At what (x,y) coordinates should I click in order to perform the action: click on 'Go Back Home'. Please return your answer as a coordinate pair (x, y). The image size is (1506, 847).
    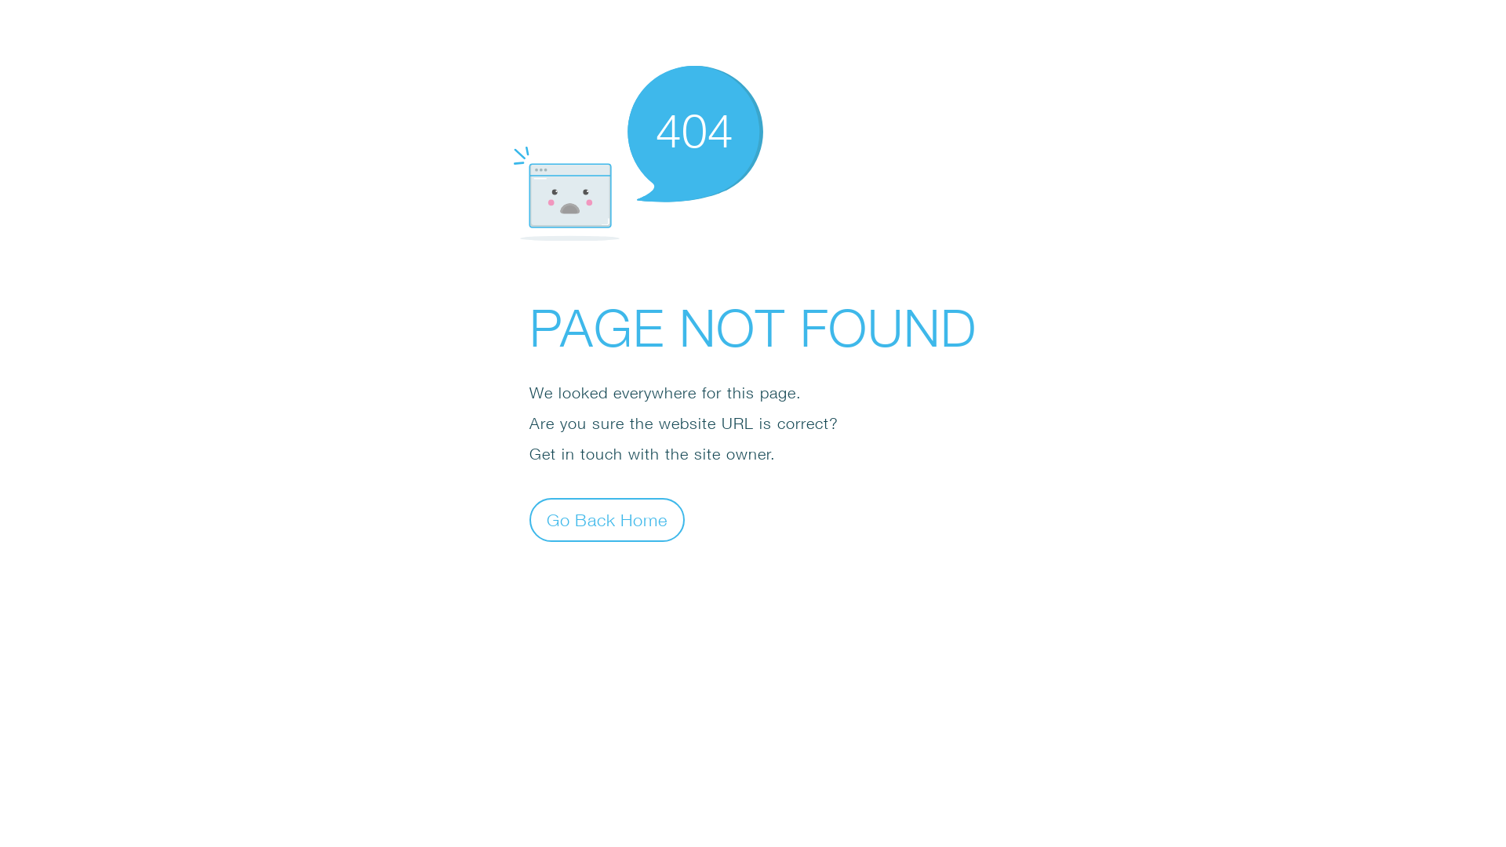
    Looking at the image, I should click on (606, 520).